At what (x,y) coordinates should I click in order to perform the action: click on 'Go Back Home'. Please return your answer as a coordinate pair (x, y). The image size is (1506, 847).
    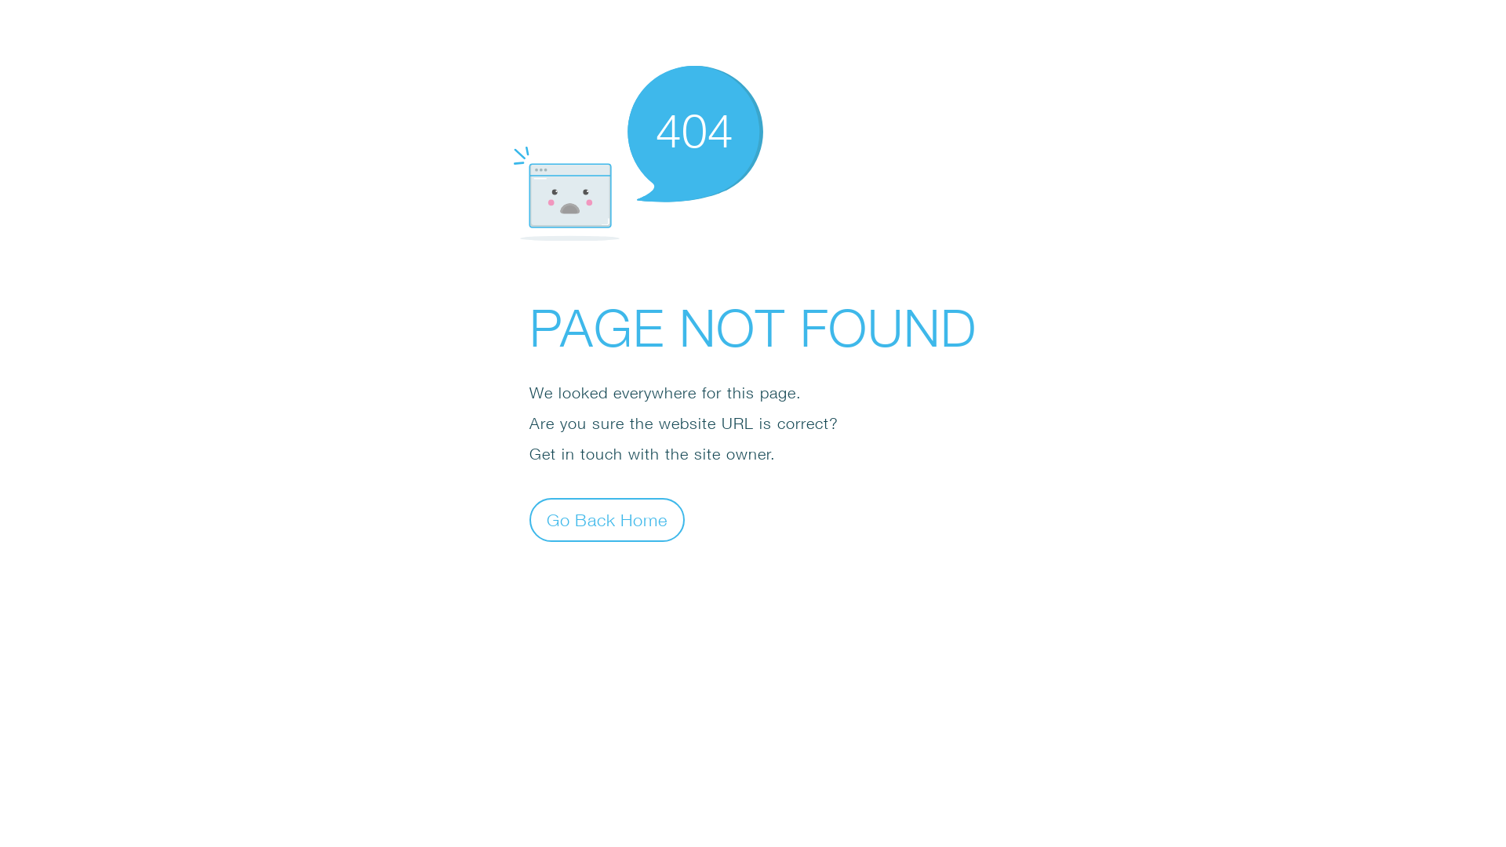
    Looking at the image, I should click on (606, 520).